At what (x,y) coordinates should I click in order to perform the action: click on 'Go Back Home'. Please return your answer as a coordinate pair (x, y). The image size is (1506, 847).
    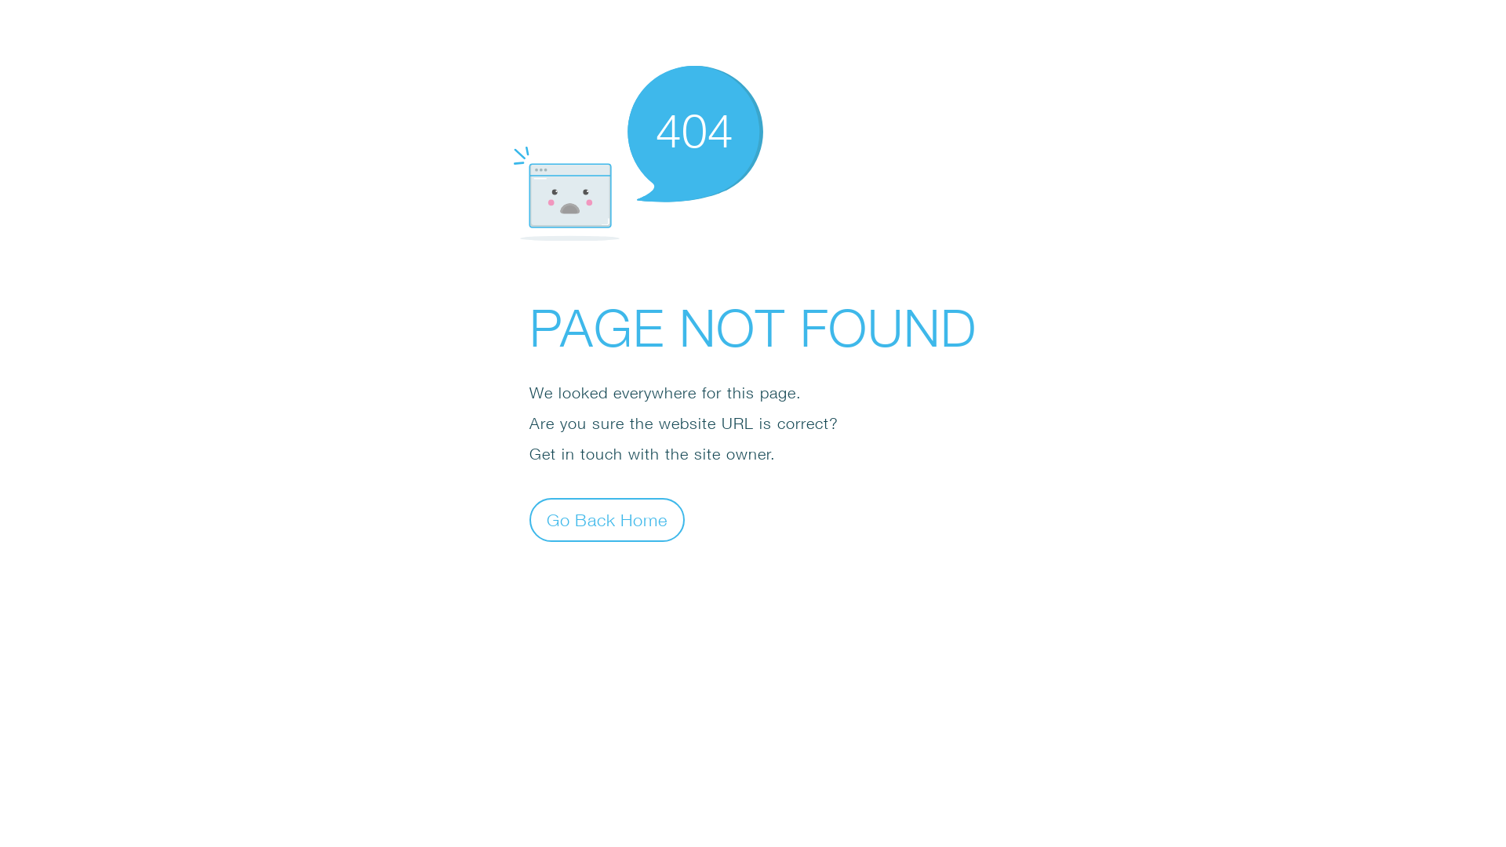
    Looking at the image, I should click on (606, 520).